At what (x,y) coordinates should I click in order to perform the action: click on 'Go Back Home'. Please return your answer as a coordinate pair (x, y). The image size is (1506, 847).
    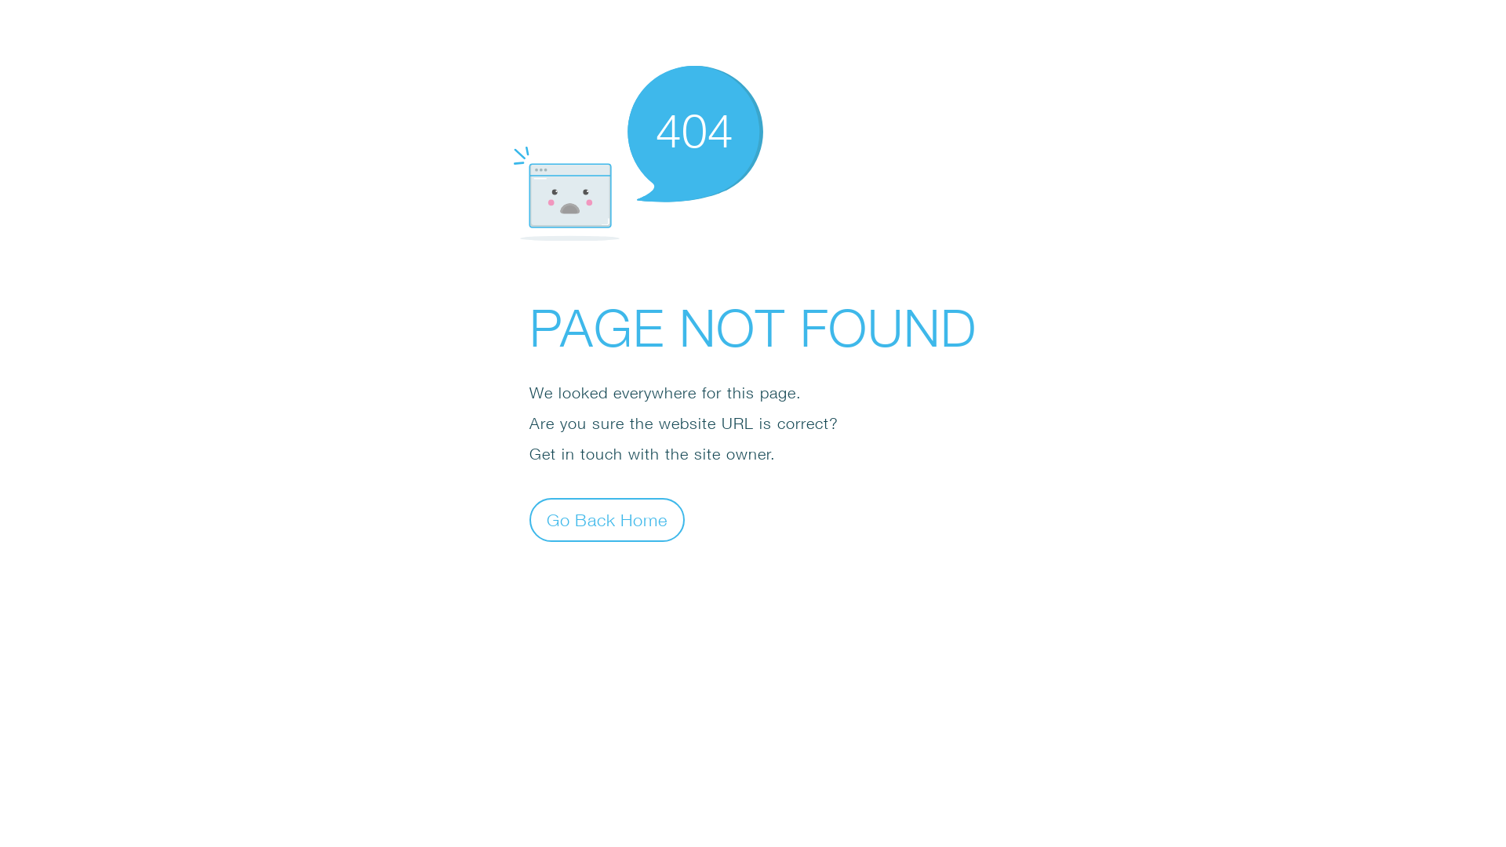
    Looking at the image, I should click on (606, 520).